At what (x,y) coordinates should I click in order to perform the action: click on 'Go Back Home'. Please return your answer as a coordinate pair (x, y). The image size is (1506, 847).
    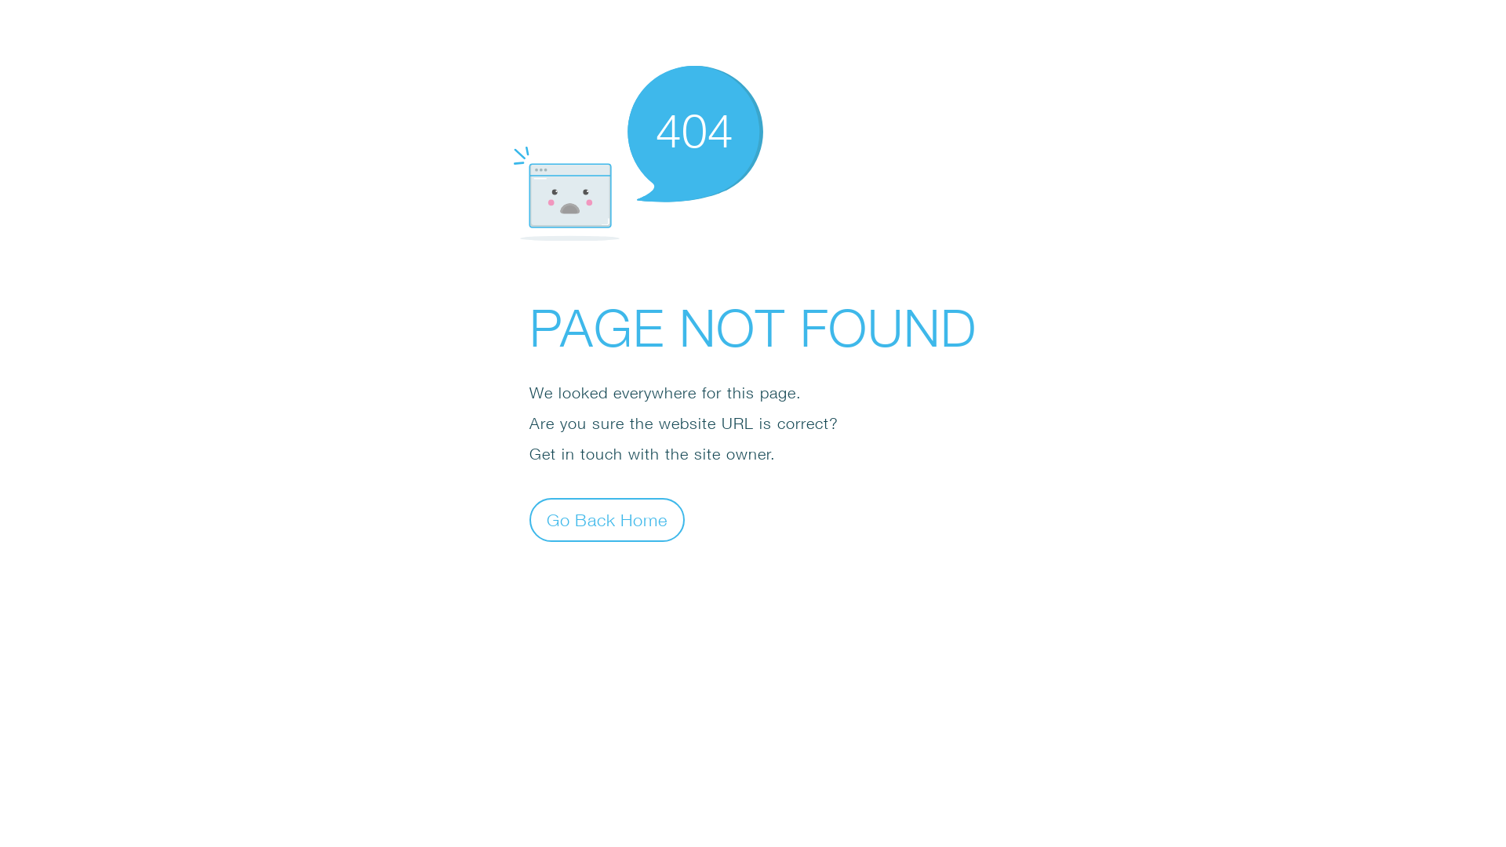
    Looking at the image, I should click on (606, 520).